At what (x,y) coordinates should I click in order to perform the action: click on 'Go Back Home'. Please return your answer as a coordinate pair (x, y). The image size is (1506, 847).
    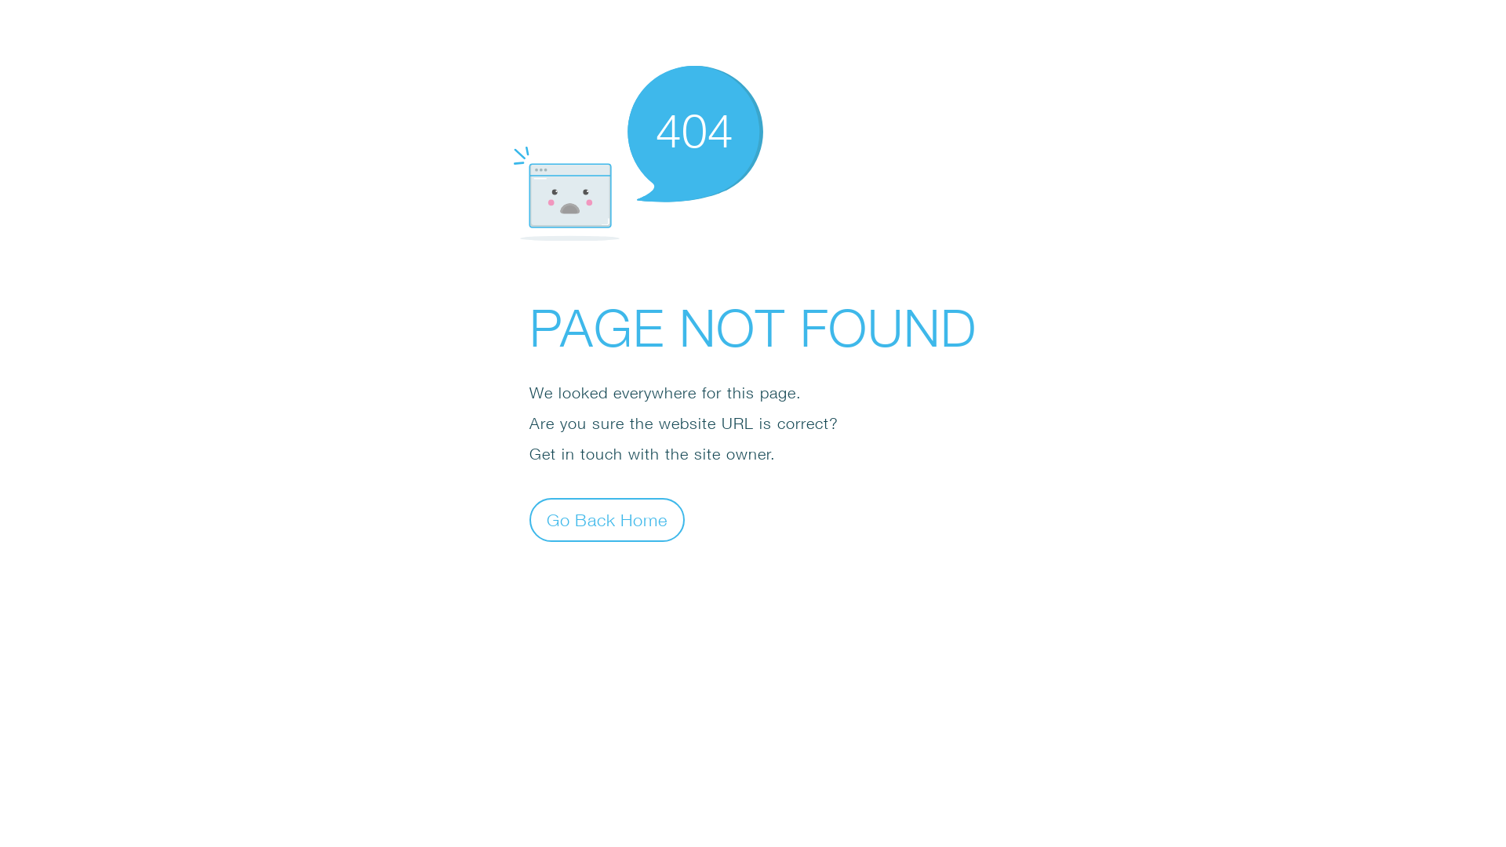
    Looking at the image, I should click on (606, 520).